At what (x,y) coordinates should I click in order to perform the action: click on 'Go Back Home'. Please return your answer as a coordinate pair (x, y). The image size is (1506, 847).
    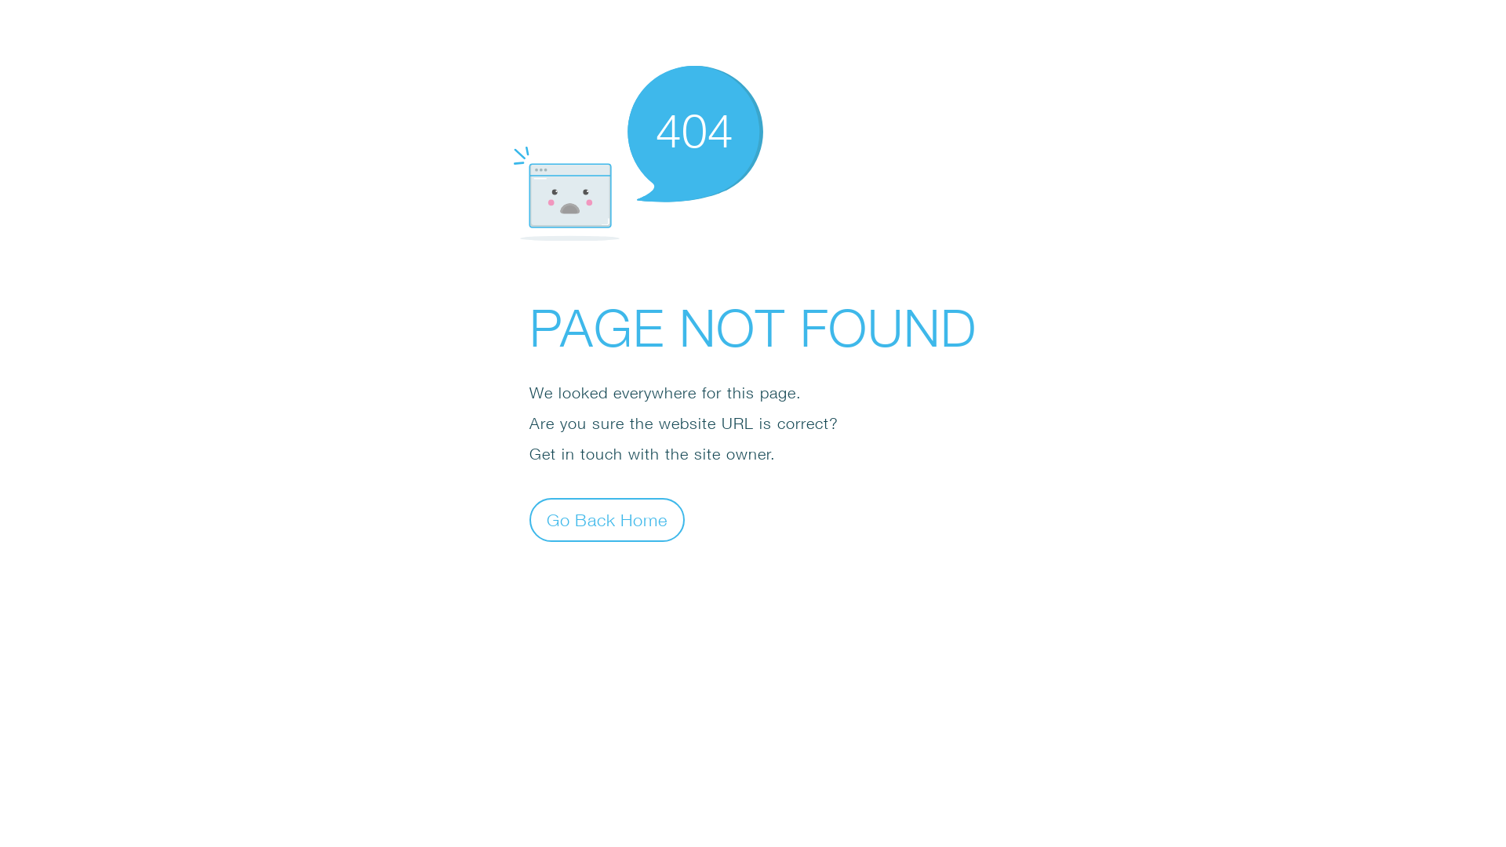
    Looking at the image, I should click on (606, 520).